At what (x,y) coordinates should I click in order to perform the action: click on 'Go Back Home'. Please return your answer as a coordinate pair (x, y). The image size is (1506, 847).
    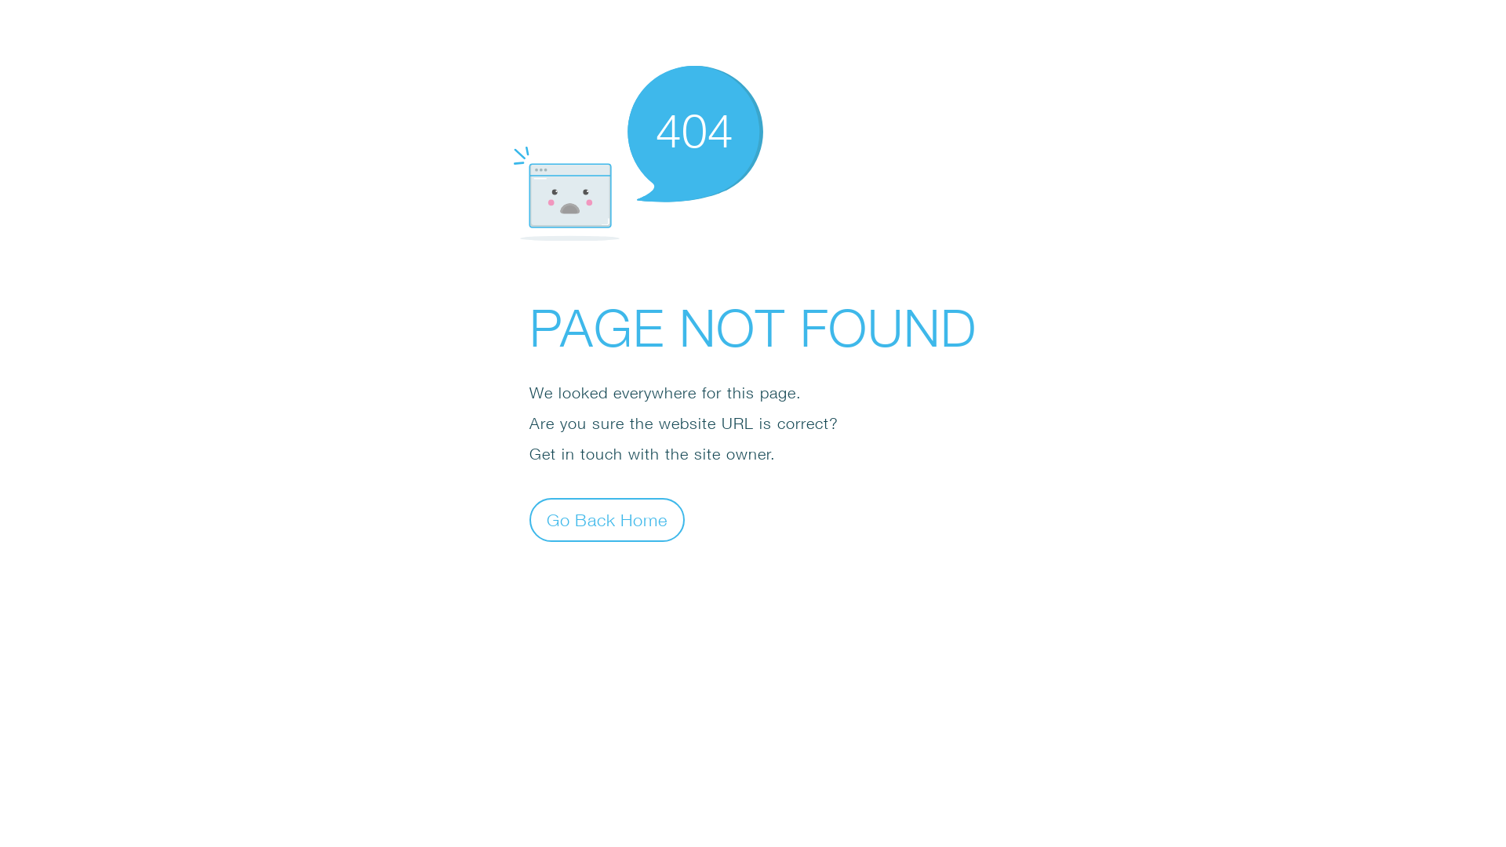
    Looking at the image, I should click on (606, 520).